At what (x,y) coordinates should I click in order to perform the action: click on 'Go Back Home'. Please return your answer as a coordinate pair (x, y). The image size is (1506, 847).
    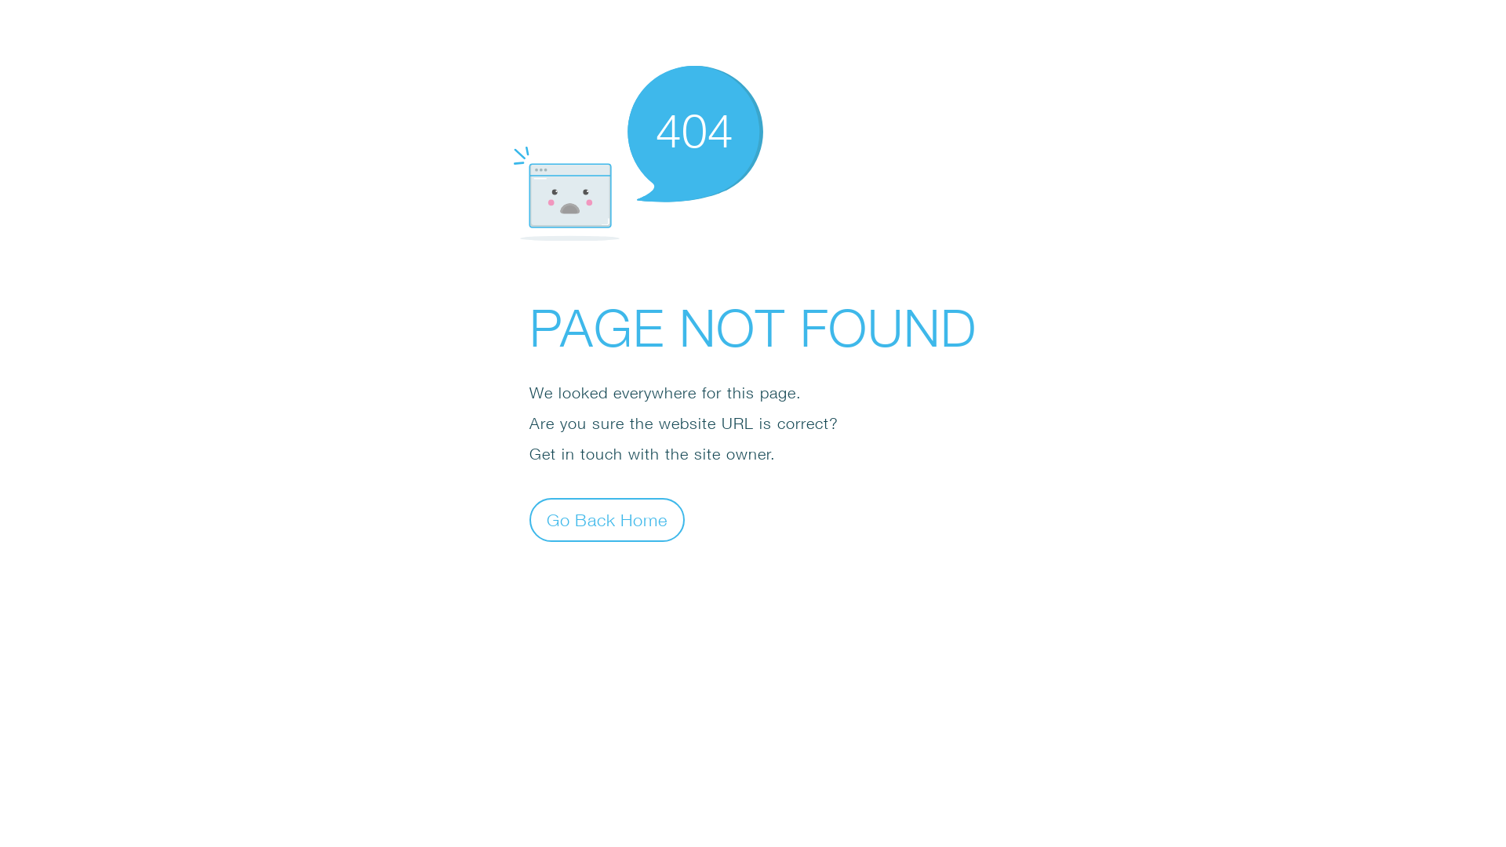
    Looking at the image, I should click on (606, 520).